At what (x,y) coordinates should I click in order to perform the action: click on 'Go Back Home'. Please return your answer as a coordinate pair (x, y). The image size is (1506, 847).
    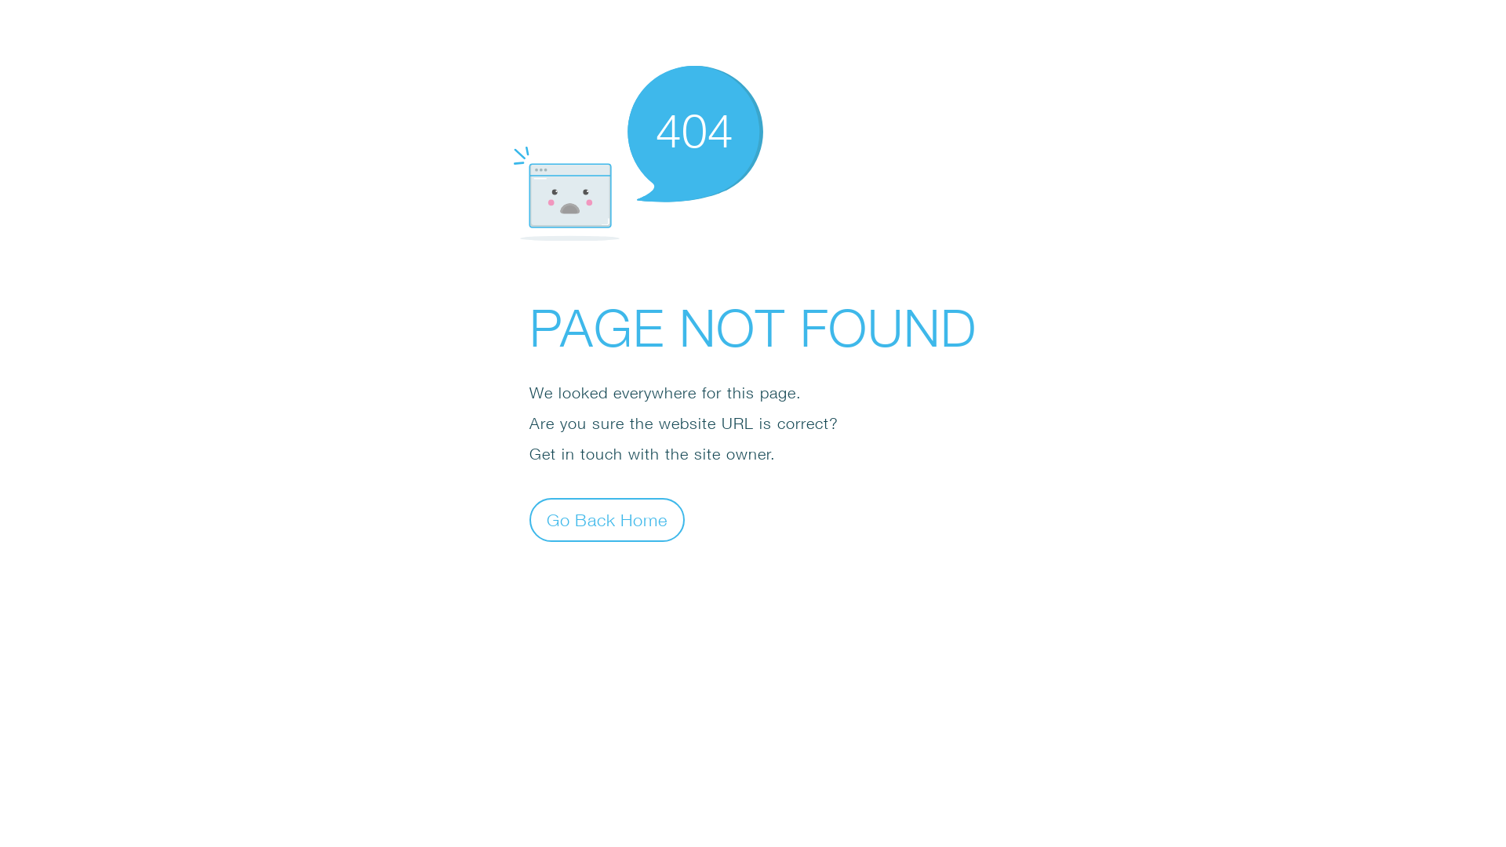
    Looking at the image, I should click on (606, 520).